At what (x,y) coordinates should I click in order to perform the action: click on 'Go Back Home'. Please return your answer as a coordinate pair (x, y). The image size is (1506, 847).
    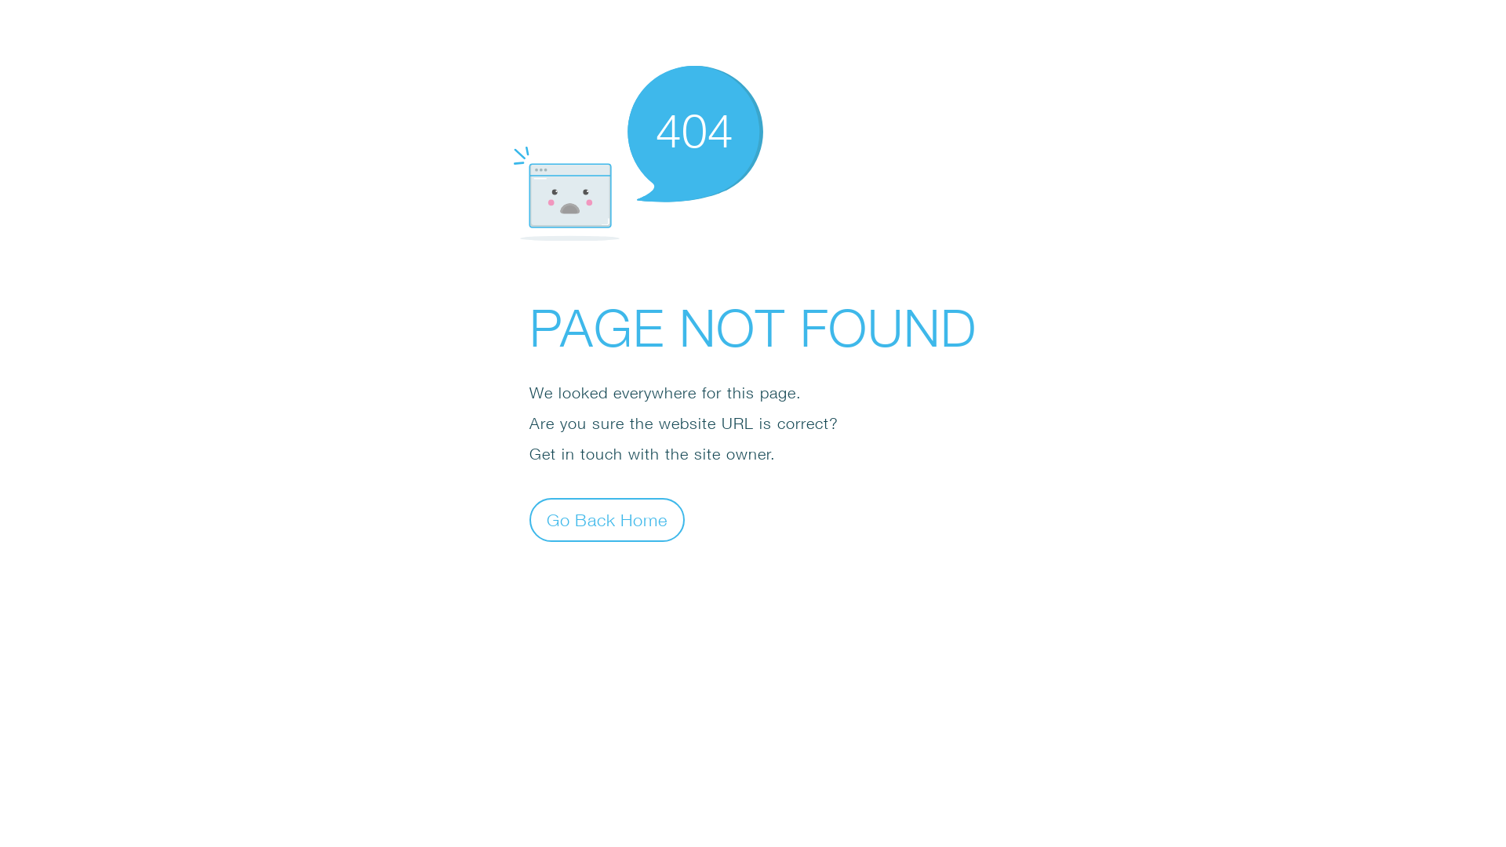
    Looking at the image, I should click on (606, 520).